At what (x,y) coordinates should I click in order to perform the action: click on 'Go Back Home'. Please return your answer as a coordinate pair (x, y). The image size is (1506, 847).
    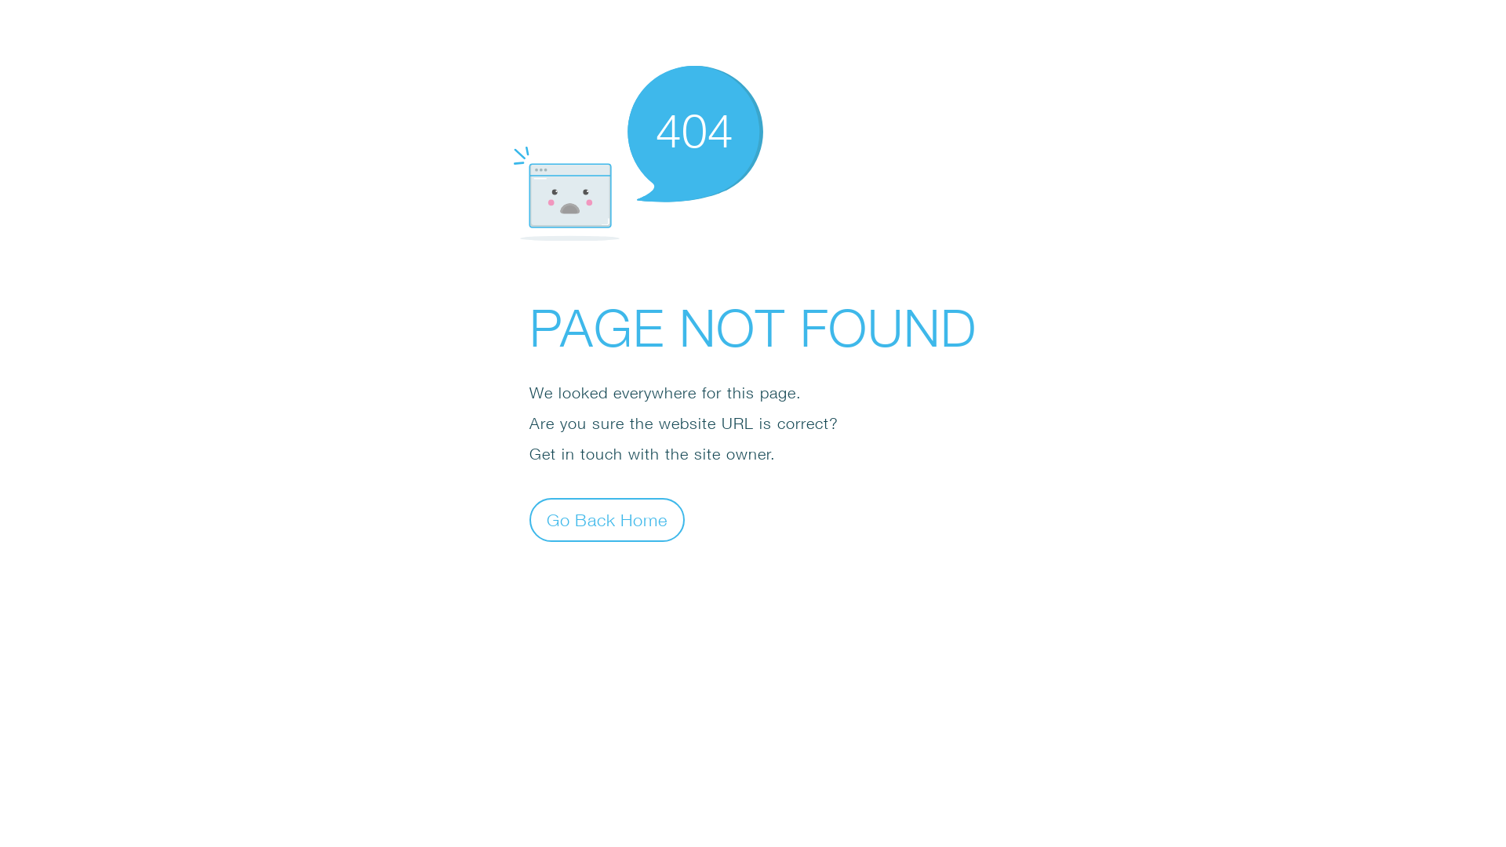
    Looking at the image, I should click on (606, 520).